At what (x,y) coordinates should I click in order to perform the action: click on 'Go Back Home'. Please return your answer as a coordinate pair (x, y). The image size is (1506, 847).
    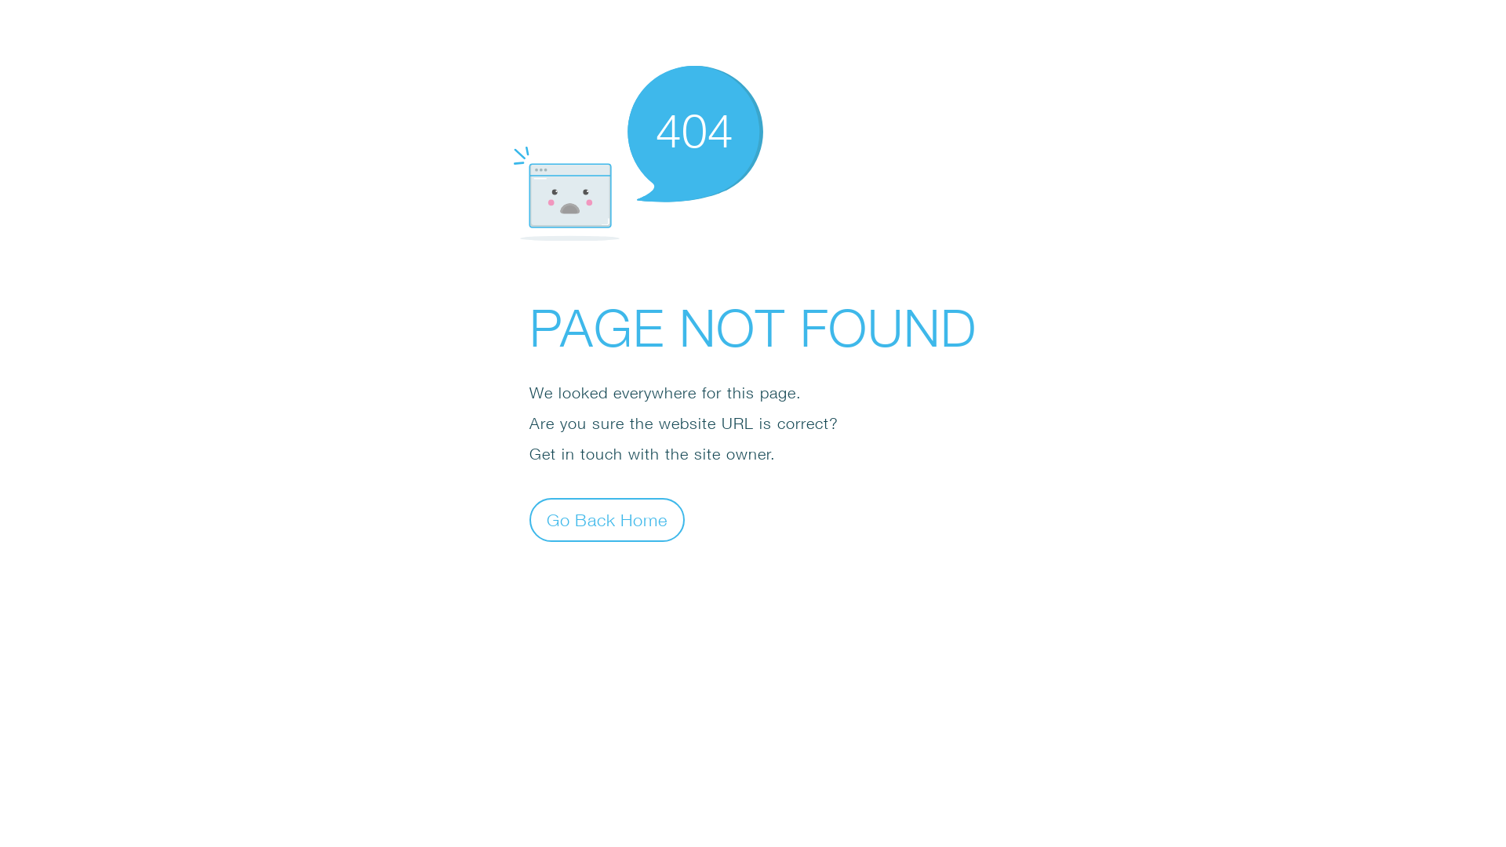
    Looking at the image, I should click on (606, 520).